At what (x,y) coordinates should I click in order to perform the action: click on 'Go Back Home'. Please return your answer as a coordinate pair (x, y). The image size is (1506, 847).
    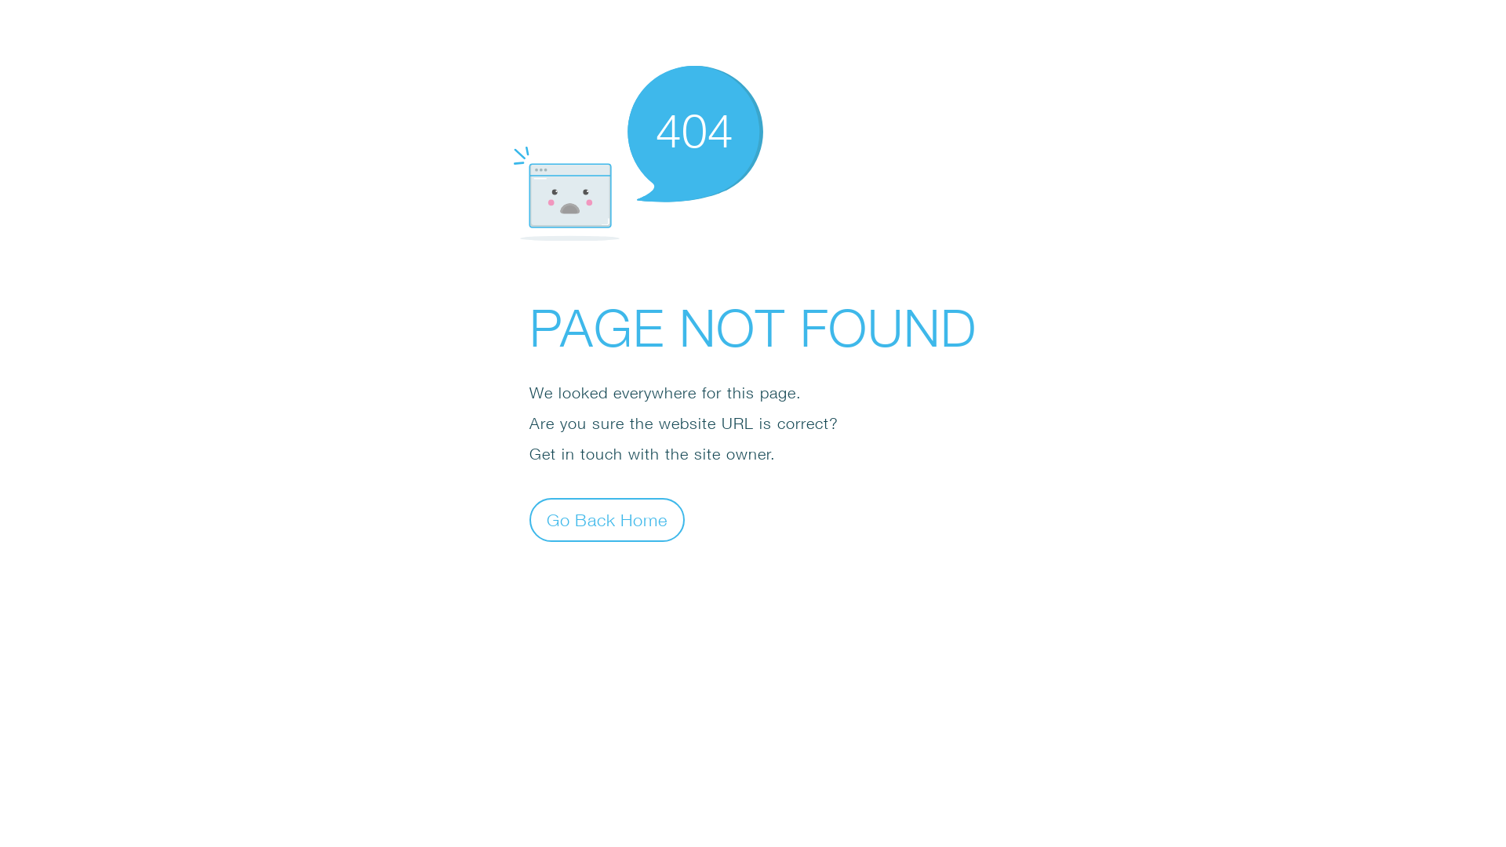
    Looking at the image, I should click on (606, 520).